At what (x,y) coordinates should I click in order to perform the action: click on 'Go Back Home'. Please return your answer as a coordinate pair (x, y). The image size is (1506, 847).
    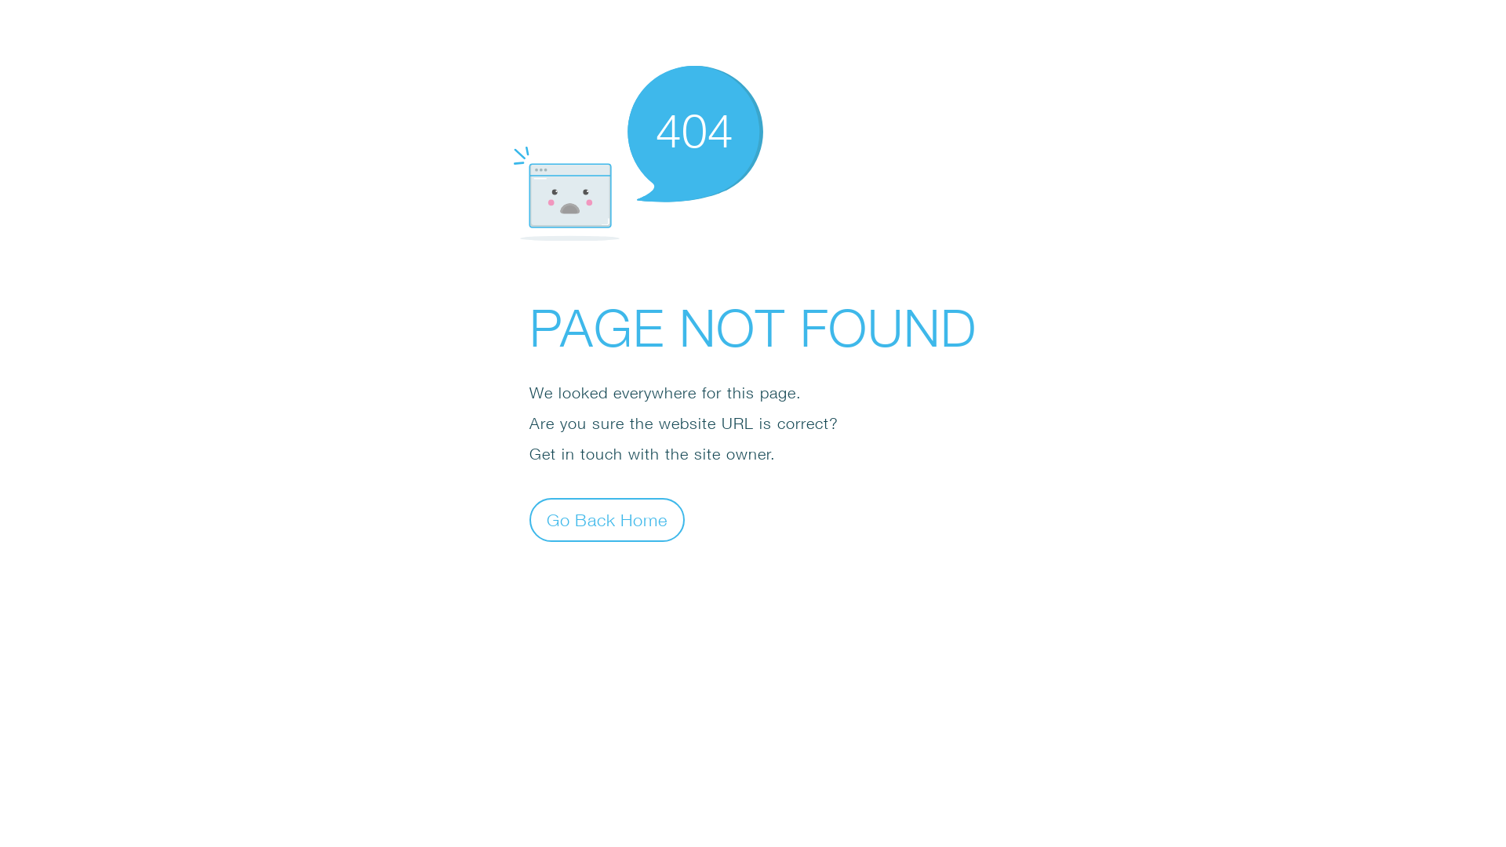
    Looking at the image, I should click on (606, 520).